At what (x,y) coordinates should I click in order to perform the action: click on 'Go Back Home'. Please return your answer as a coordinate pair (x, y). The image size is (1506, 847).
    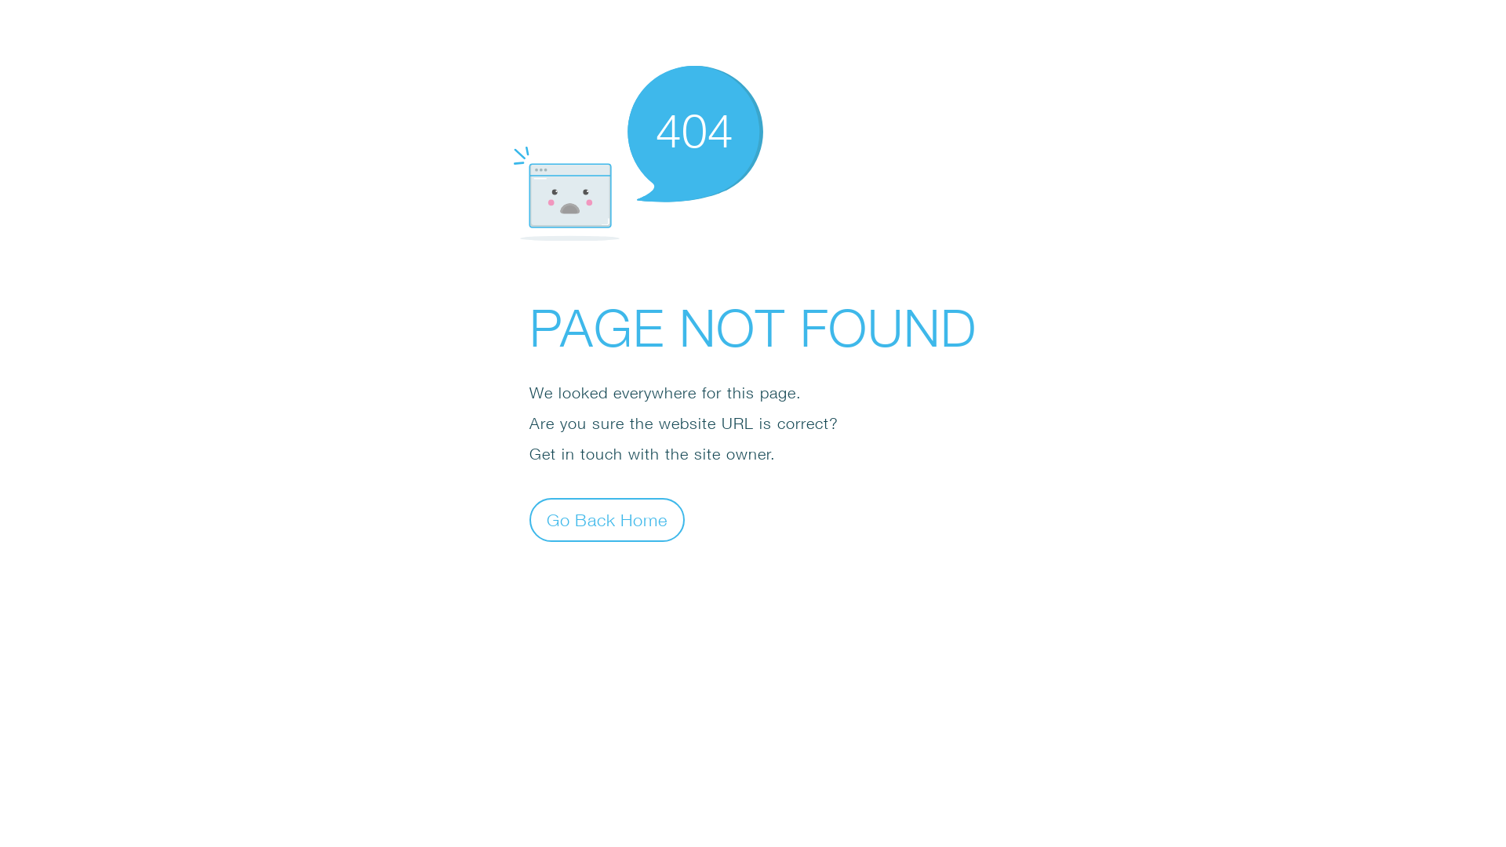
    Looking at the image, I should click on (606, 520).